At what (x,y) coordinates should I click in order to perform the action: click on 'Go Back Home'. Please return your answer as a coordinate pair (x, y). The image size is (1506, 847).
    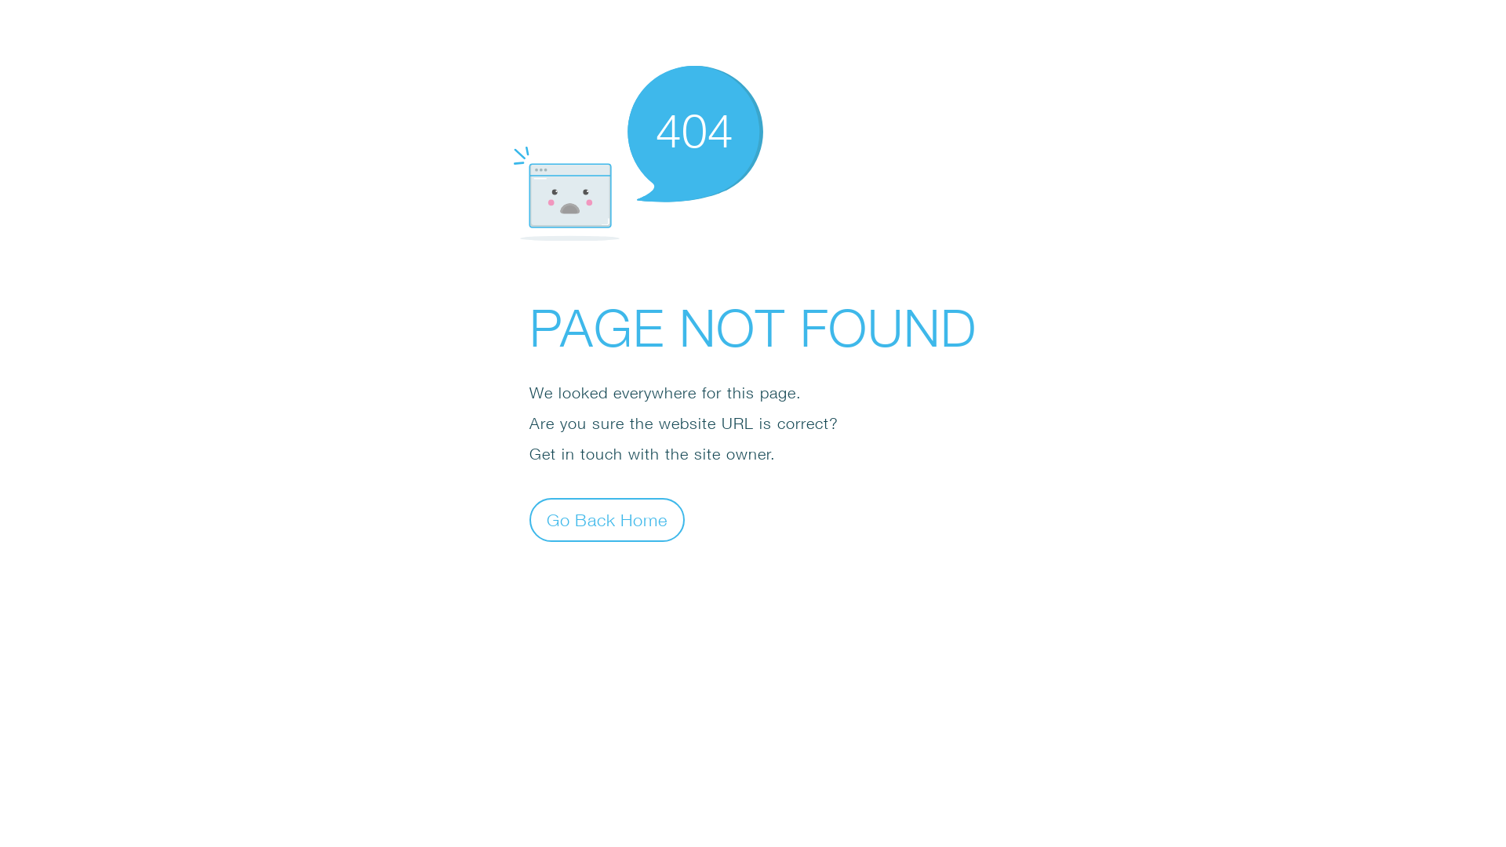
    Looking at the image, I should click on (606, 520).